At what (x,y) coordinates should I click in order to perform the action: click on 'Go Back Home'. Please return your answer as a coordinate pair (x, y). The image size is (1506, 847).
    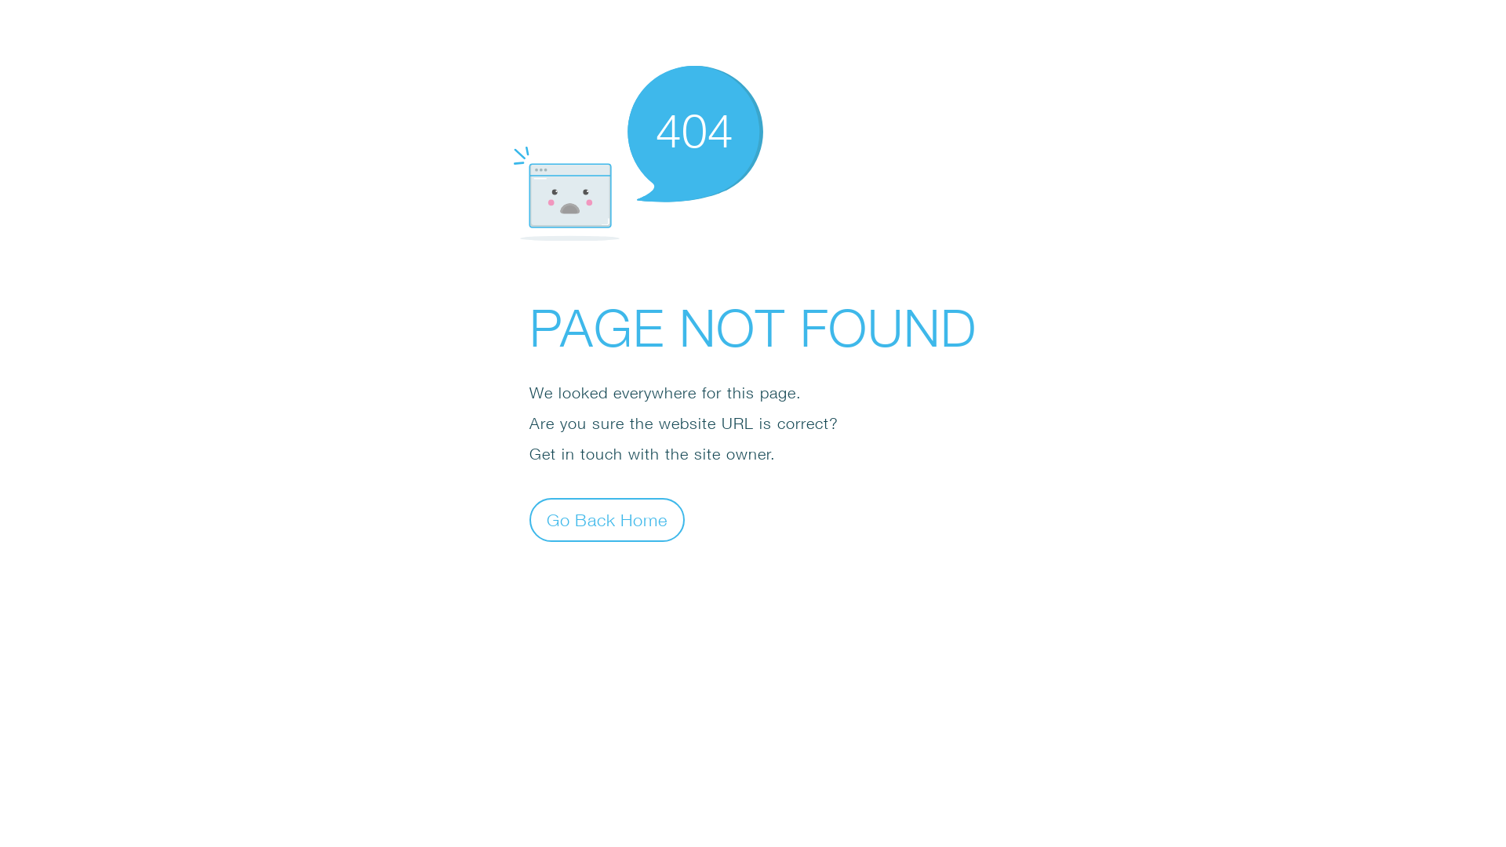
    Looking at the image, I should click on (606, 520).